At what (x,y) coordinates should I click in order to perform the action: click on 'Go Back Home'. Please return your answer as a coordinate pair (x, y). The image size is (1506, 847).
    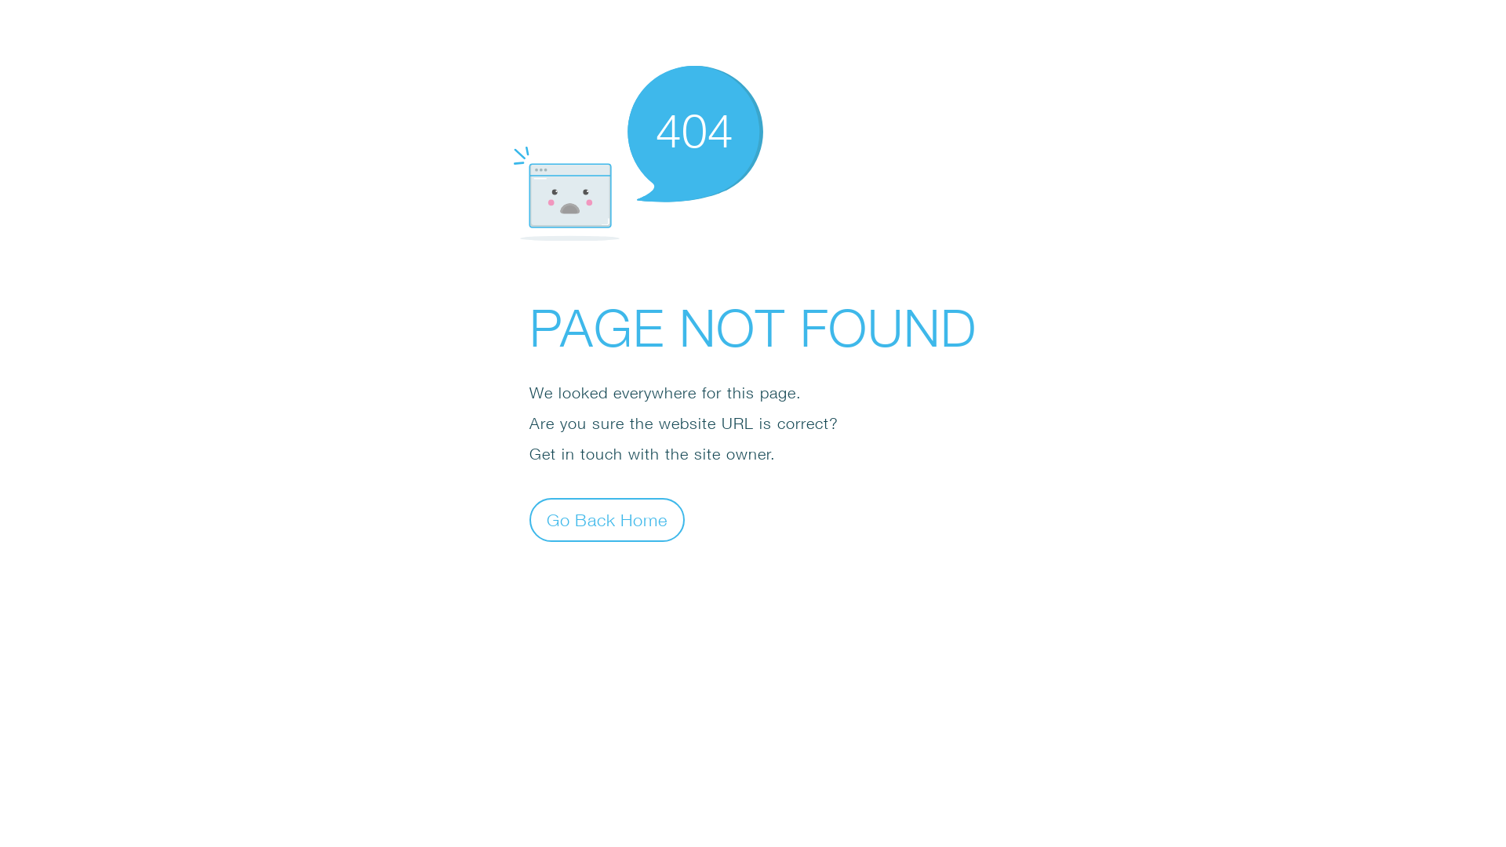
    Looking at the image, I should click on (606, 520).